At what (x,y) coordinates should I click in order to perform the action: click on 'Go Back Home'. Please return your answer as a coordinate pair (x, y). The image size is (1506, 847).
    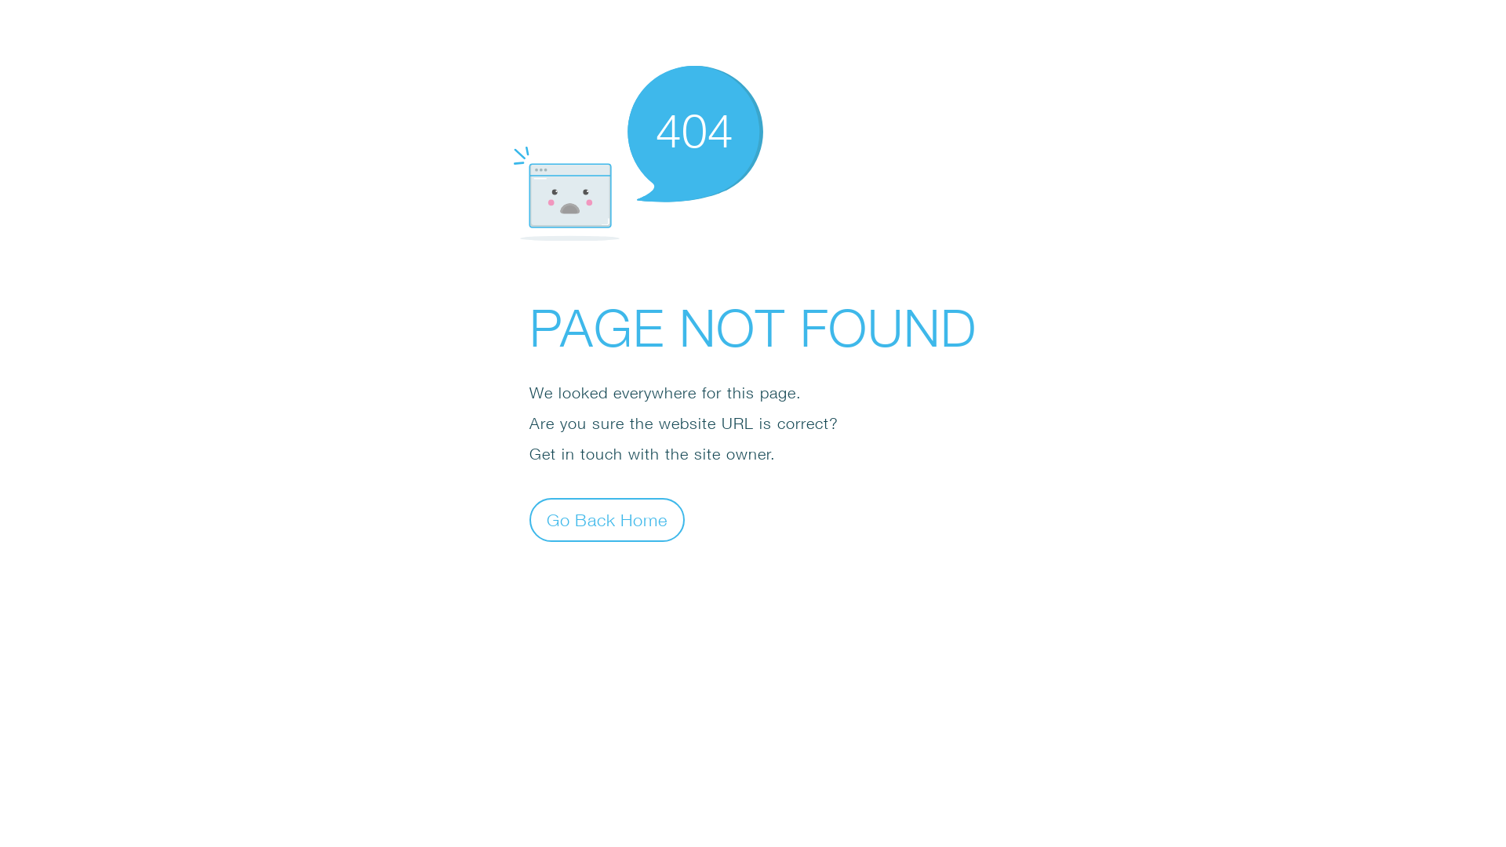
    Looking at the image, I should click on (606, 520).